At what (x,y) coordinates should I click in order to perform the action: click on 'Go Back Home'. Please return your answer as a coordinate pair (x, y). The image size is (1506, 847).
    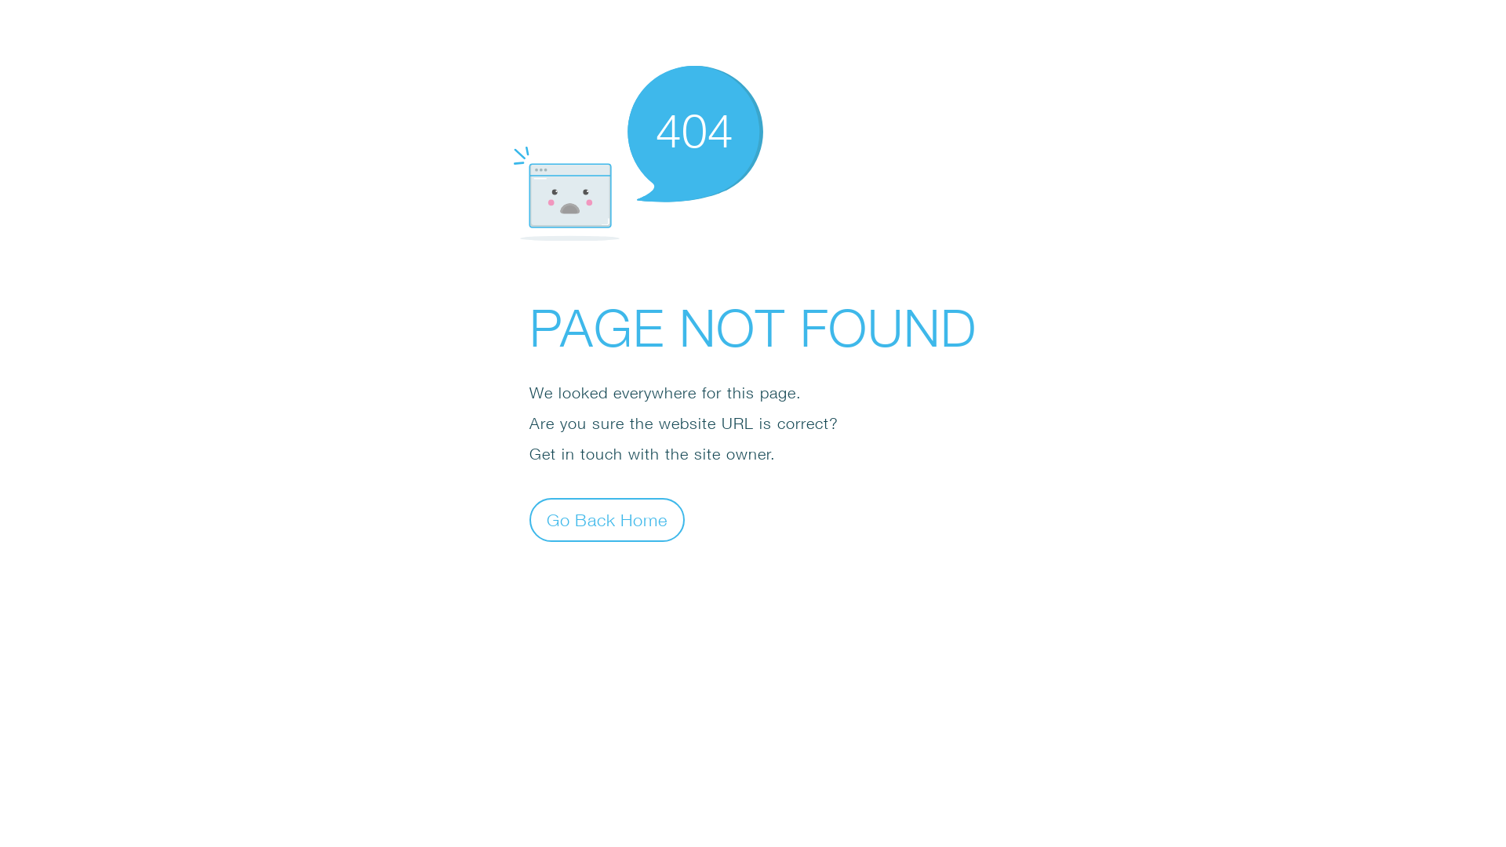
    Looking at the image, I should click on (606, 520).